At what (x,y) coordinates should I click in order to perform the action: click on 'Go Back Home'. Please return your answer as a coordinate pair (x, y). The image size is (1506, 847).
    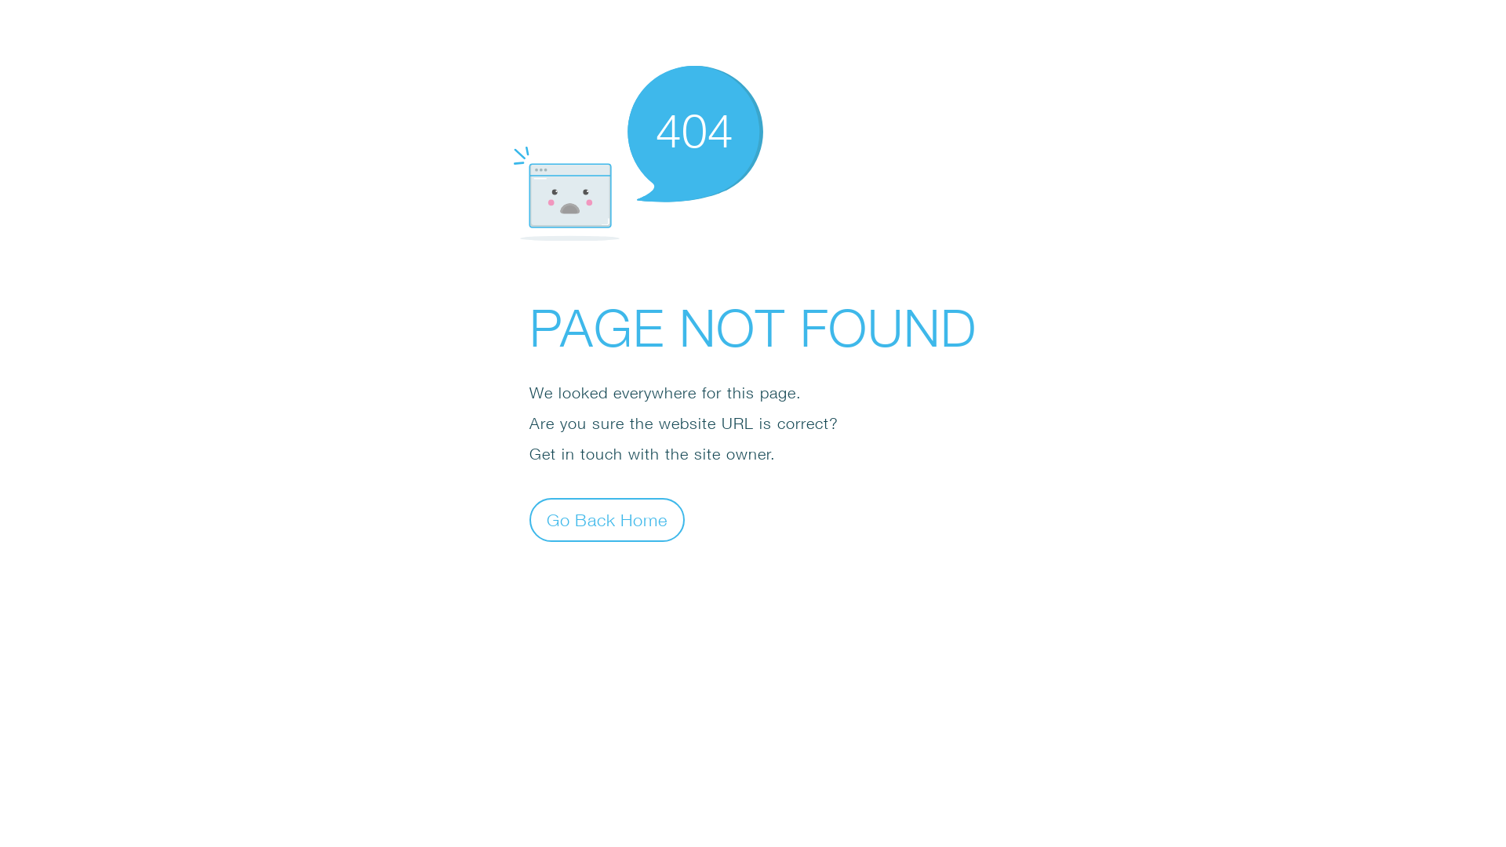
    Looking at the image, I should click on (606, 520).